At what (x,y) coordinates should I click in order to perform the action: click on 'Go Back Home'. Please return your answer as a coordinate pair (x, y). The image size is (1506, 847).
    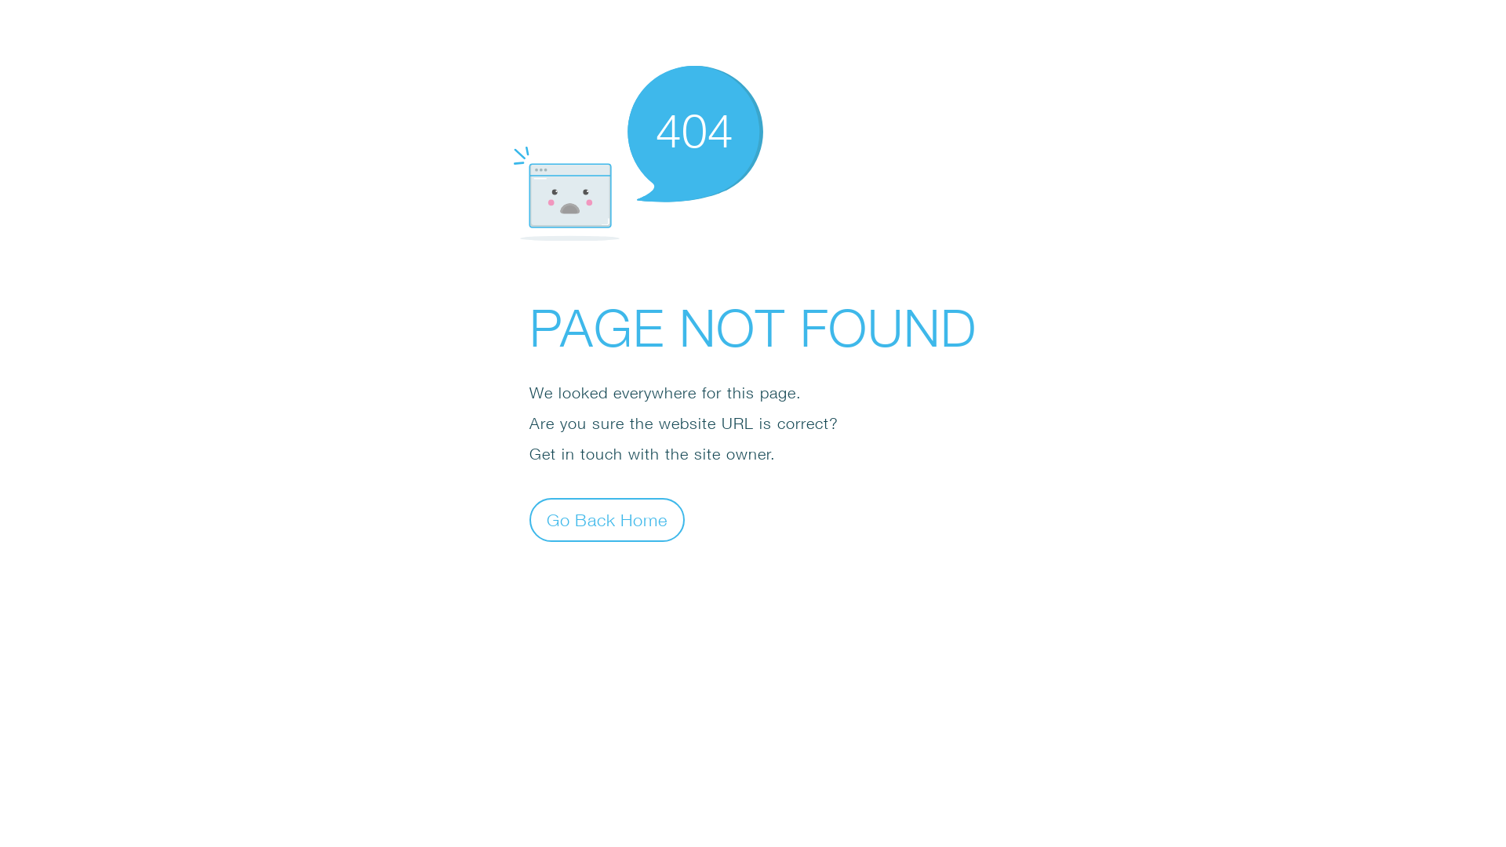
    Looking at the image, I should click on (606, 520).